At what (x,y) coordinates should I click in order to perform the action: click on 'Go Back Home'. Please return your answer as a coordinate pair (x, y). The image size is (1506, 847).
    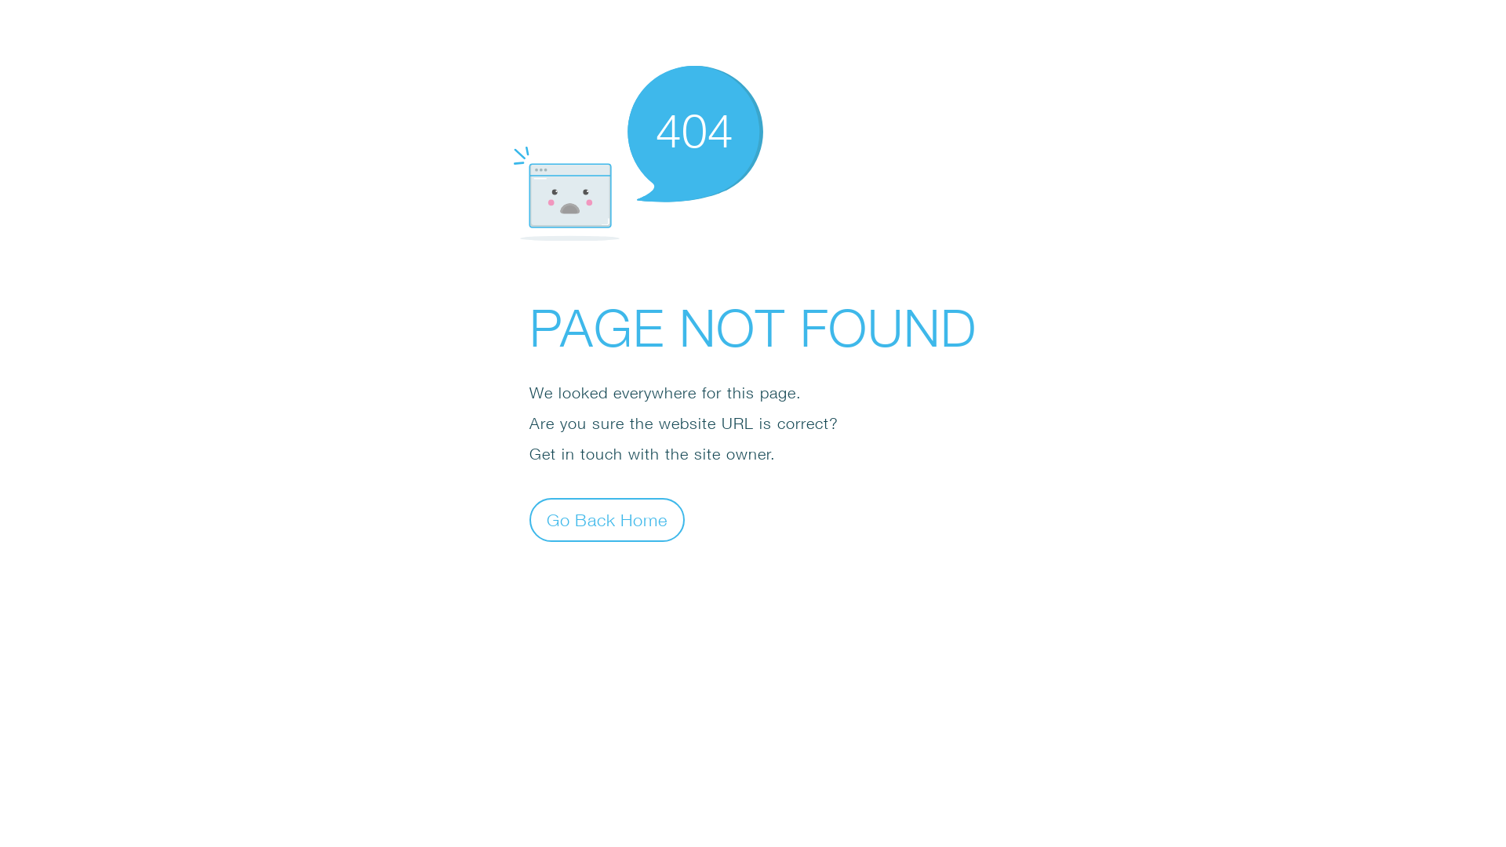
    Looking at the image, I should click on (606, 520).